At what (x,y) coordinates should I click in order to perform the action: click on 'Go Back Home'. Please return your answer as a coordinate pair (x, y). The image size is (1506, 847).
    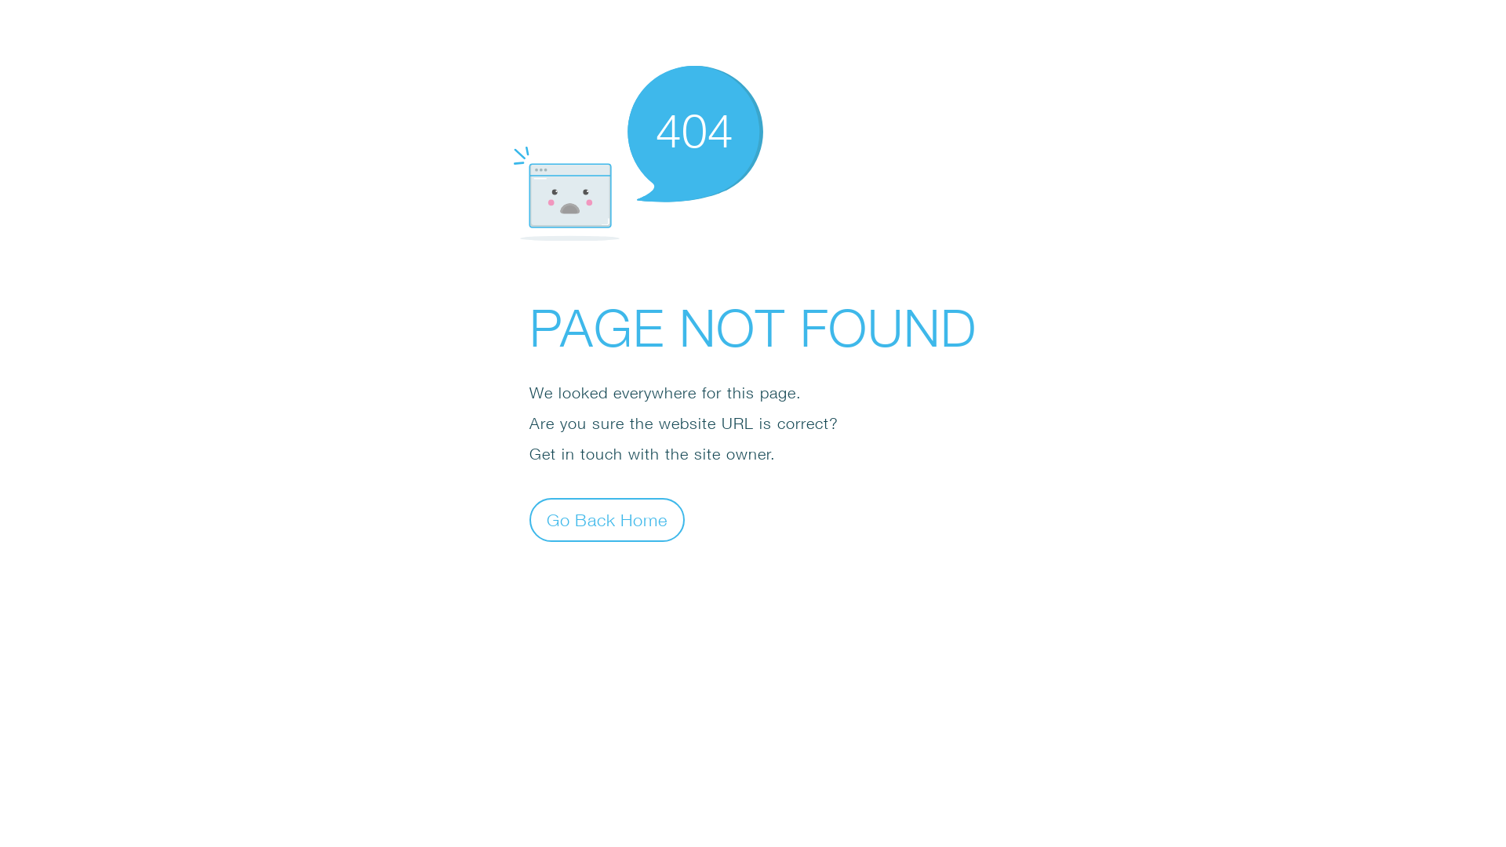
    Looking at the image, I should click on (606, 520).